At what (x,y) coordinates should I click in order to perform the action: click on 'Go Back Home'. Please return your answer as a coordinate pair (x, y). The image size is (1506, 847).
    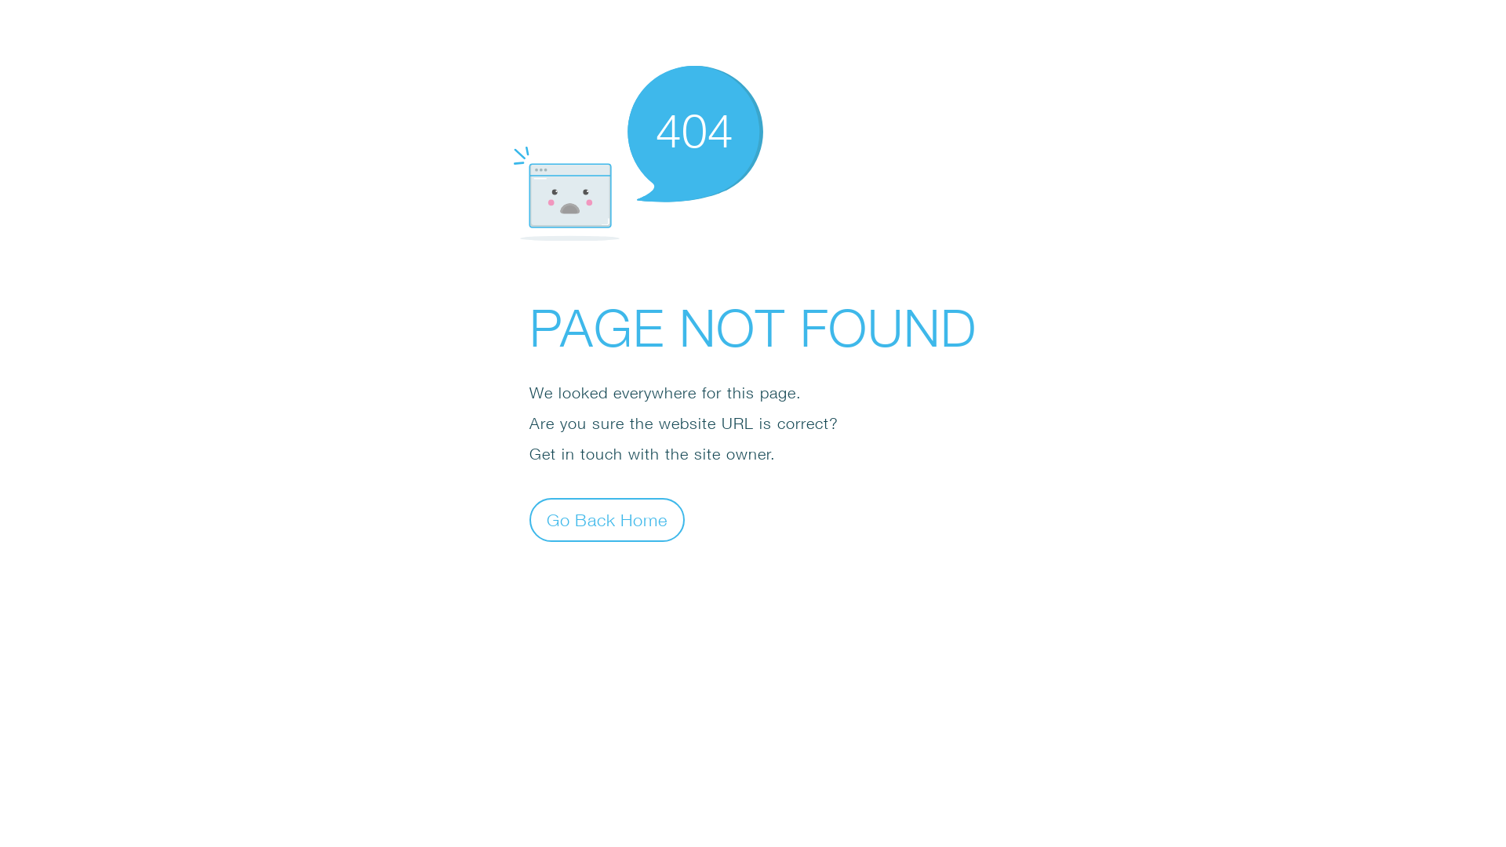
    Looking at the image, I should click on (606, 520).